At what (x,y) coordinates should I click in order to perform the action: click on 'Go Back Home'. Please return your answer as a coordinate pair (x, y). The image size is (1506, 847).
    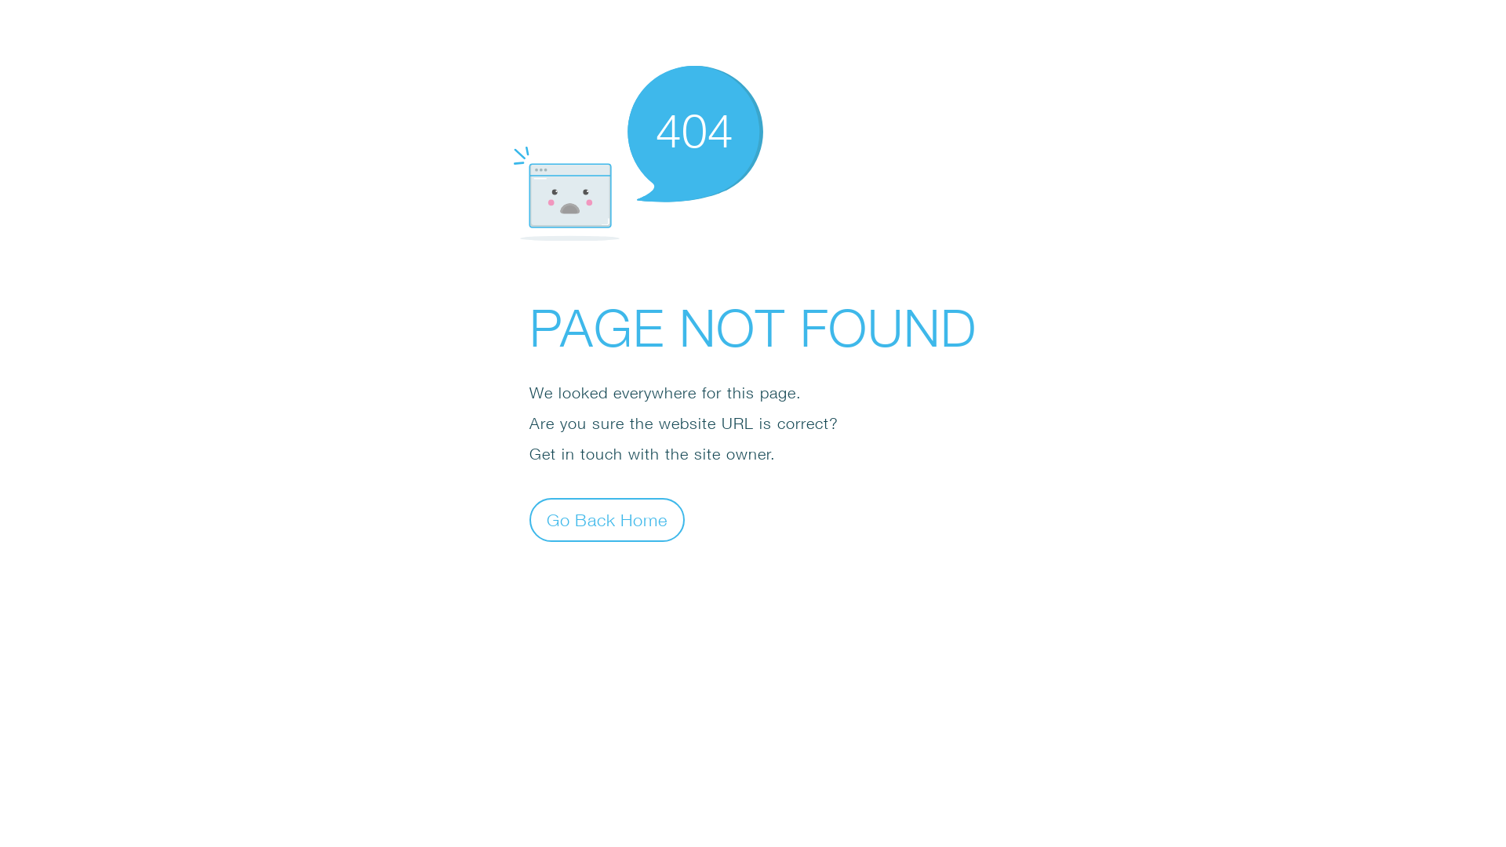
    Looking at the image, I should click on (606, 520).